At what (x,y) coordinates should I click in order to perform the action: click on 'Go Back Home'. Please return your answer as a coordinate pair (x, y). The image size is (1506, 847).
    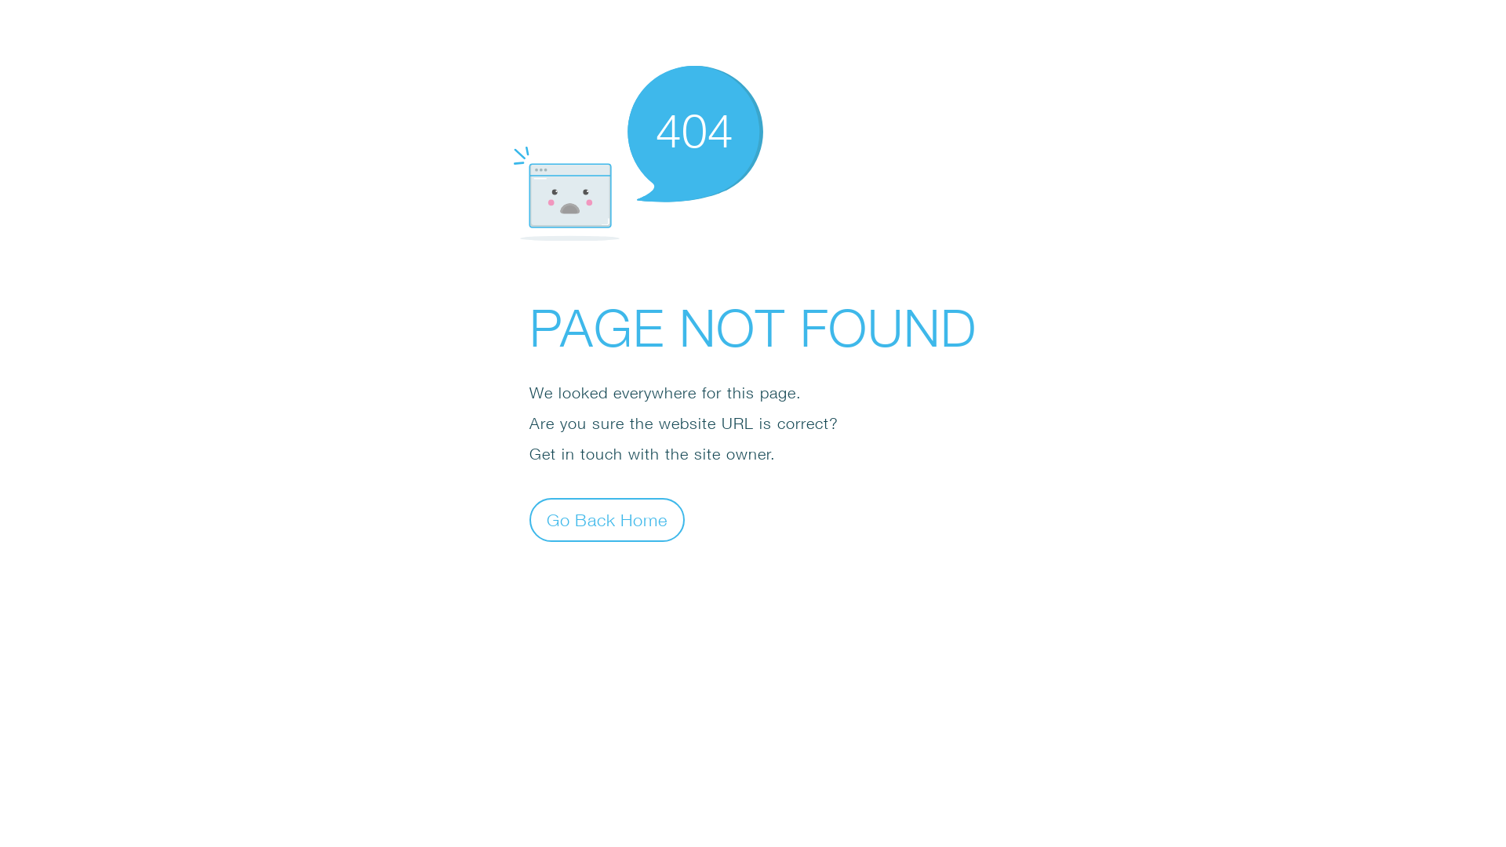
    Looking at the image, I should click on (606, 520).